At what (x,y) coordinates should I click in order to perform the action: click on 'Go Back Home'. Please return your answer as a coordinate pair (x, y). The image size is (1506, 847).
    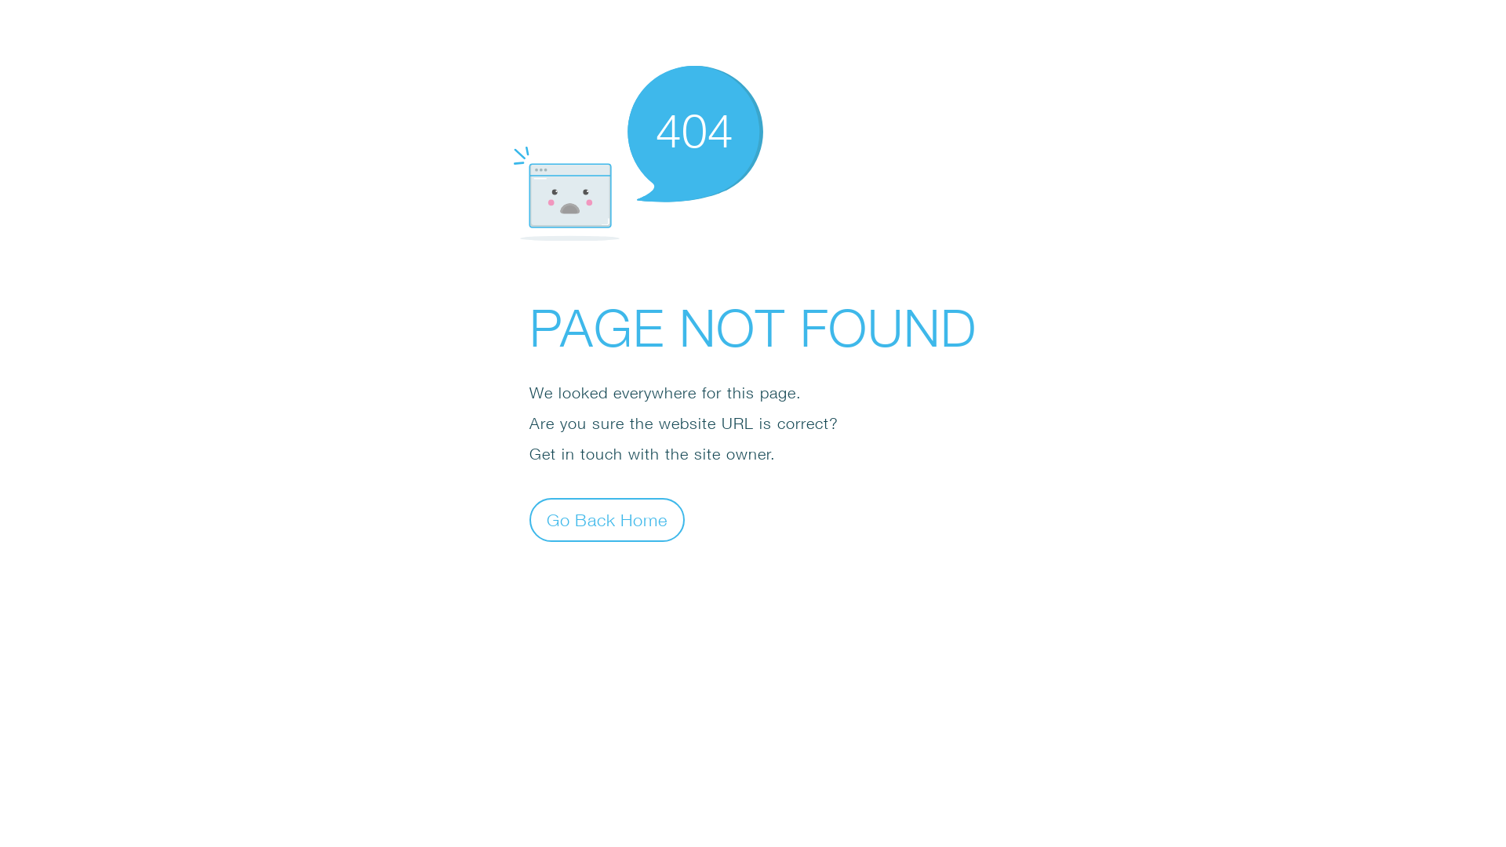
    Looking at the image, I should click on (606, 520).